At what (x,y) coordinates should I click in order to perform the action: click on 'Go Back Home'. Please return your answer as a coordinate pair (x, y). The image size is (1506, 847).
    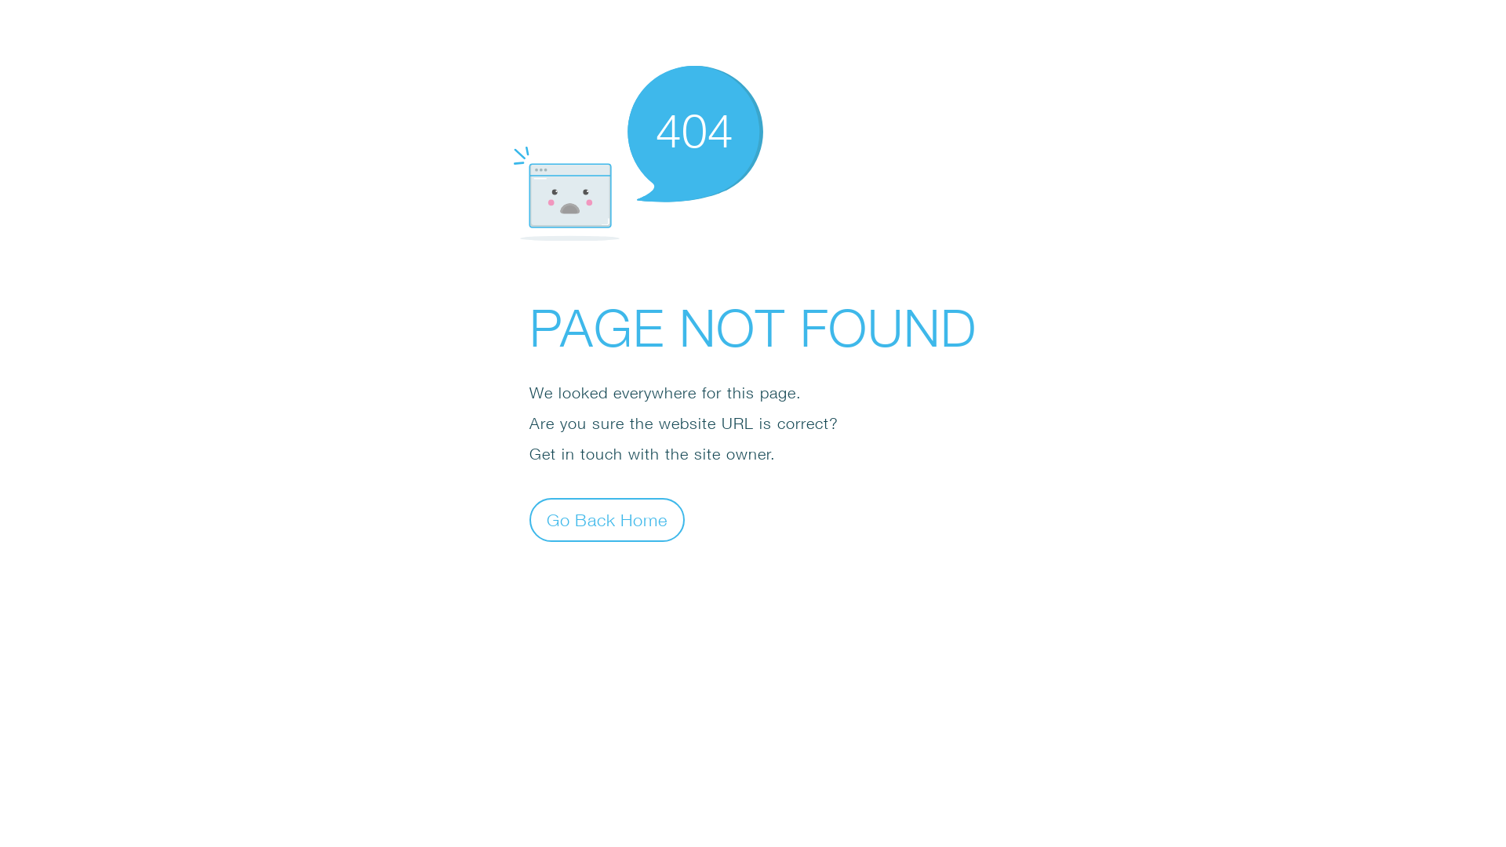
    Looking at the image, I should click on (606, 520).